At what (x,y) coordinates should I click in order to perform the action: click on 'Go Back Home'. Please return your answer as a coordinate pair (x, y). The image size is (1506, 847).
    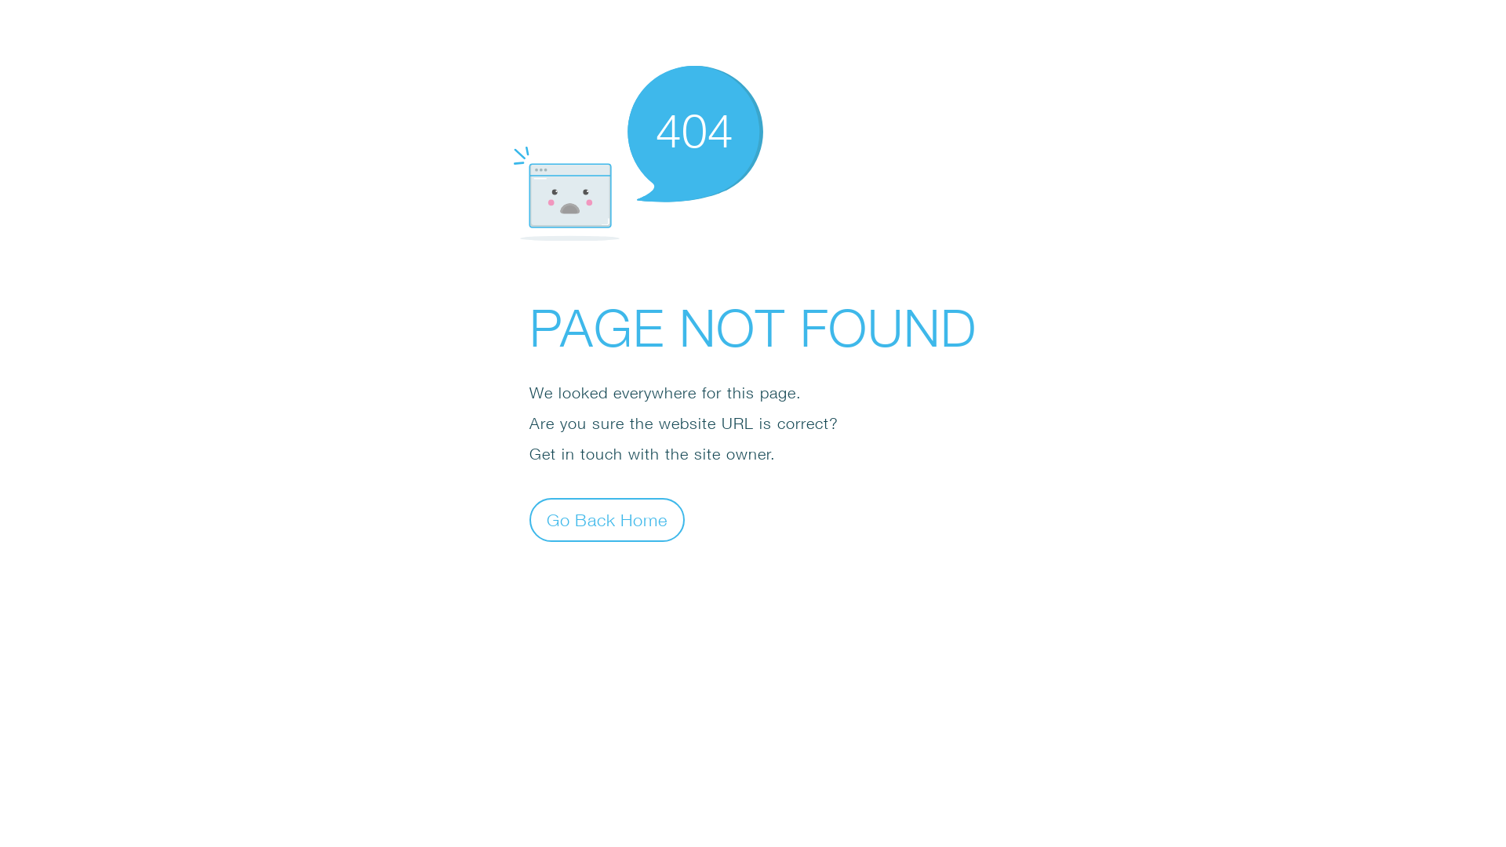
    Looking at the image, I should click on (606, 520).